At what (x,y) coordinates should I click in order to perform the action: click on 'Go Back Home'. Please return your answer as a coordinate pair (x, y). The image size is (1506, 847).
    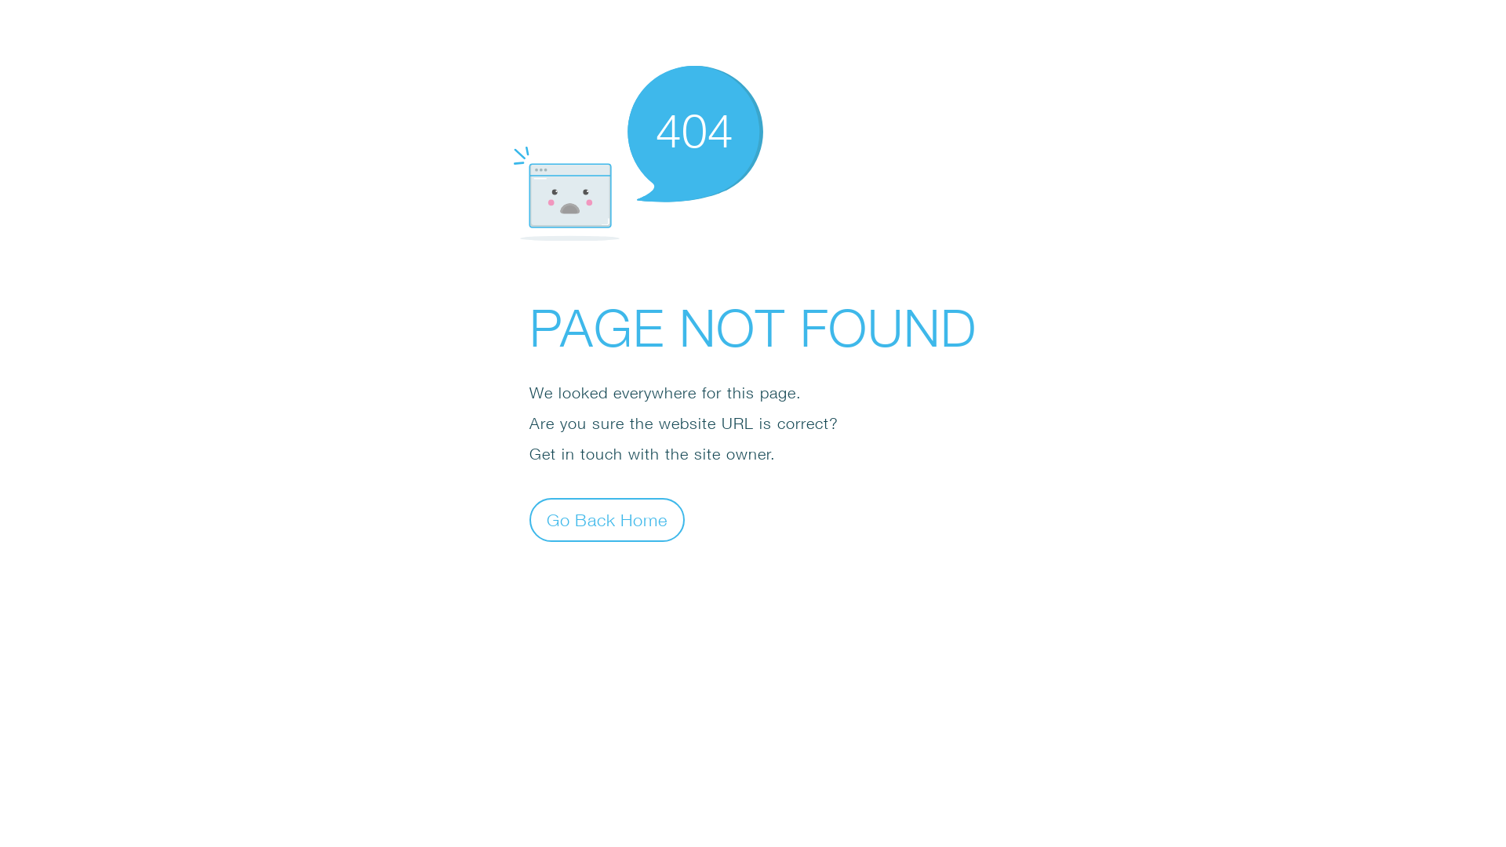
    Looking at the image, I should click on (606, 520).